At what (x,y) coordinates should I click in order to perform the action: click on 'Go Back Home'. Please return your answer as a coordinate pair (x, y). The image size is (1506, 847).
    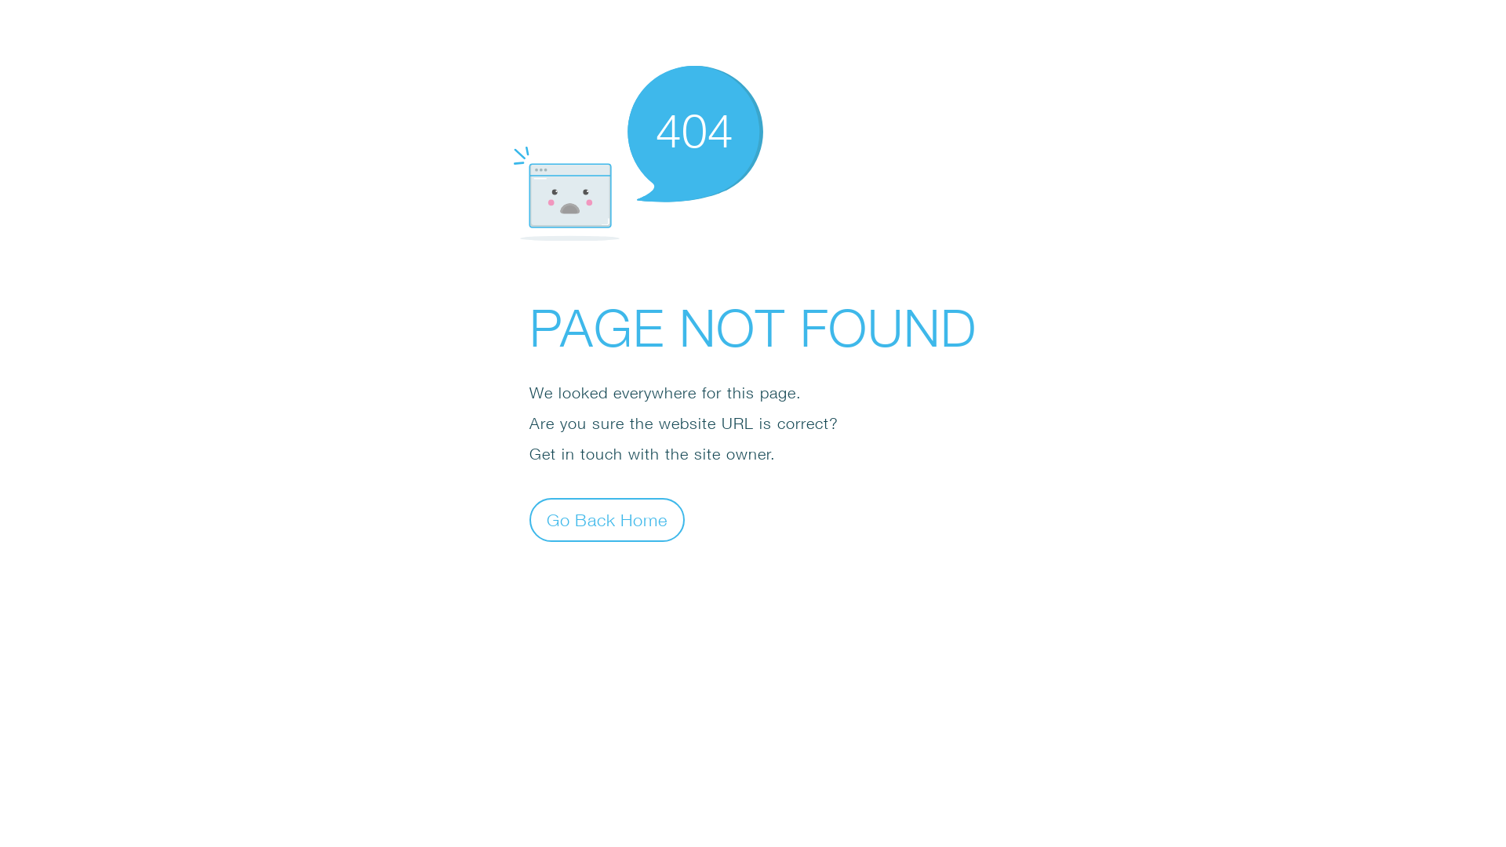
    Looking at the image, I should click on (606, 520).